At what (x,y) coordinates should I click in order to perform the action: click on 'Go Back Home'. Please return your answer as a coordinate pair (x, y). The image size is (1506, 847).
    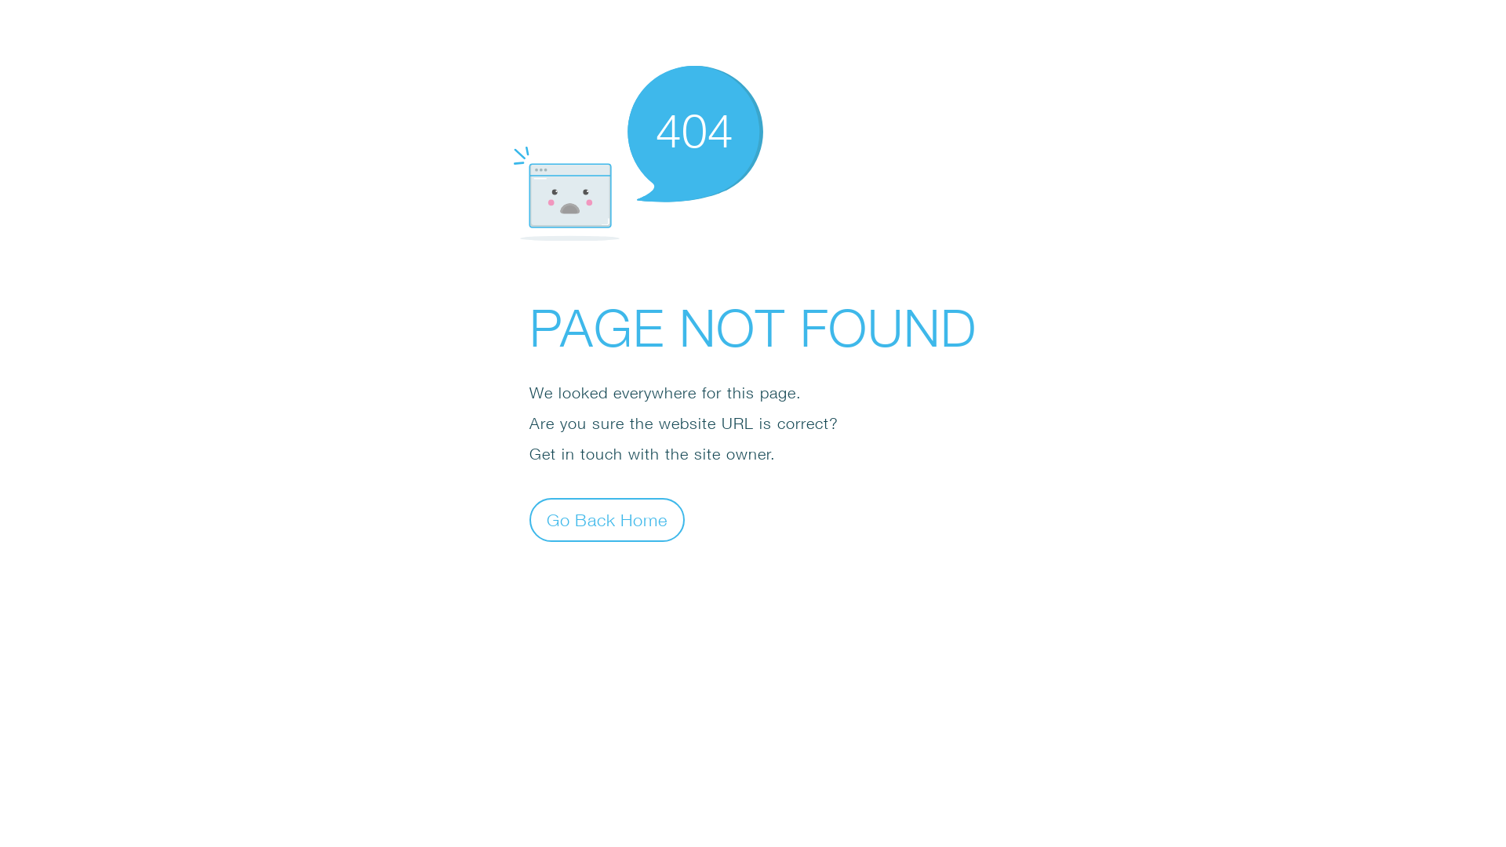
    Looking at the image, I should click on (606, 520).